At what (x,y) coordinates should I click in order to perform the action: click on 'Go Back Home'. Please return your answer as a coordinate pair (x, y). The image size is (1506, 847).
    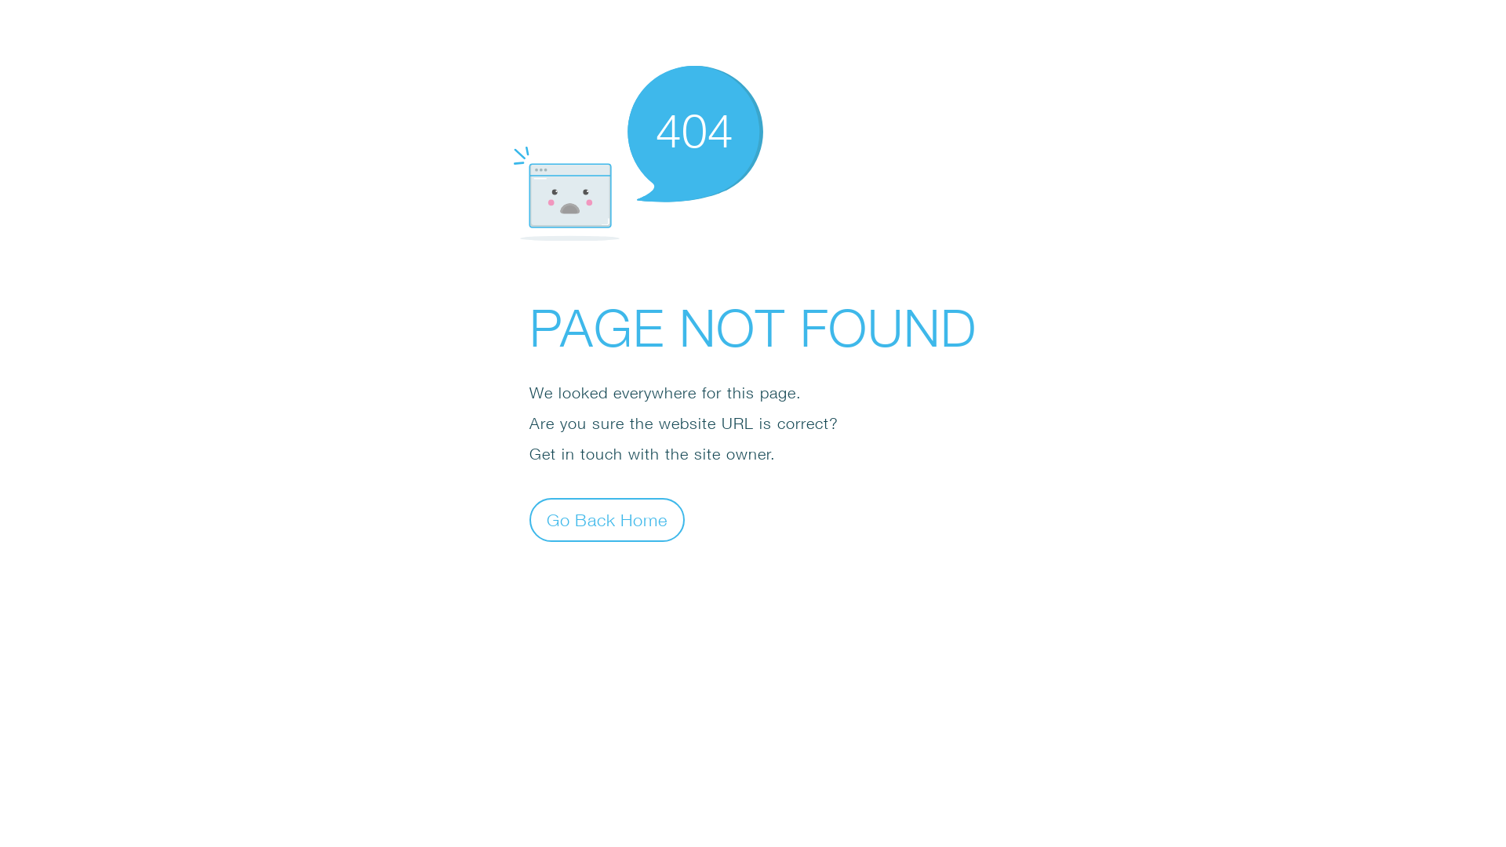
    Looking at the image, I should click on (606, 520).